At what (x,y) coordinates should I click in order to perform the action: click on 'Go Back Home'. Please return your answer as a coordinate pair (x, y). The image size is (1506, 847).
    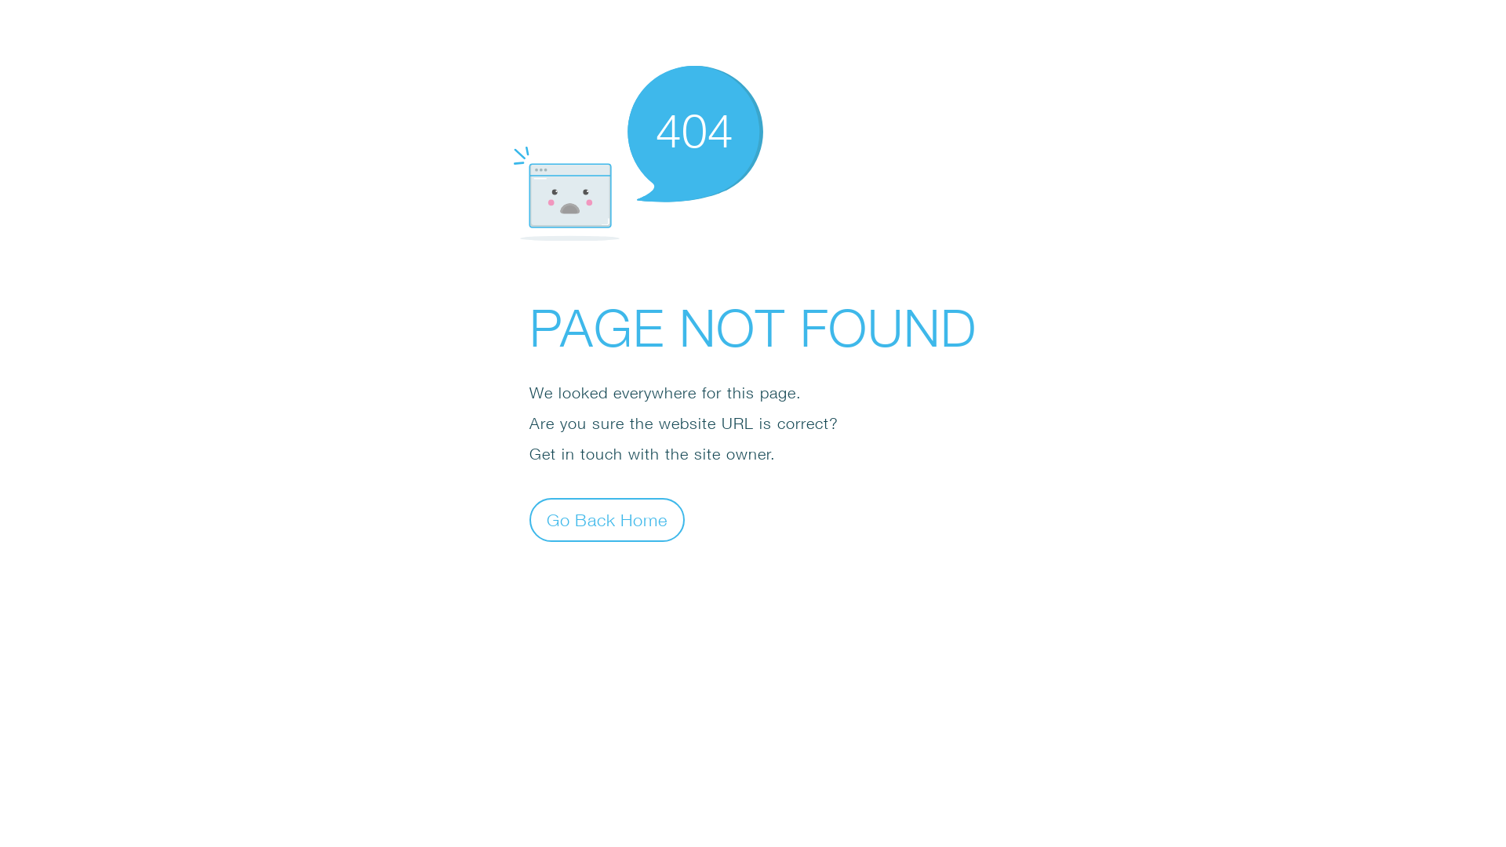
    Looking at the image, I should click on (606, 520).